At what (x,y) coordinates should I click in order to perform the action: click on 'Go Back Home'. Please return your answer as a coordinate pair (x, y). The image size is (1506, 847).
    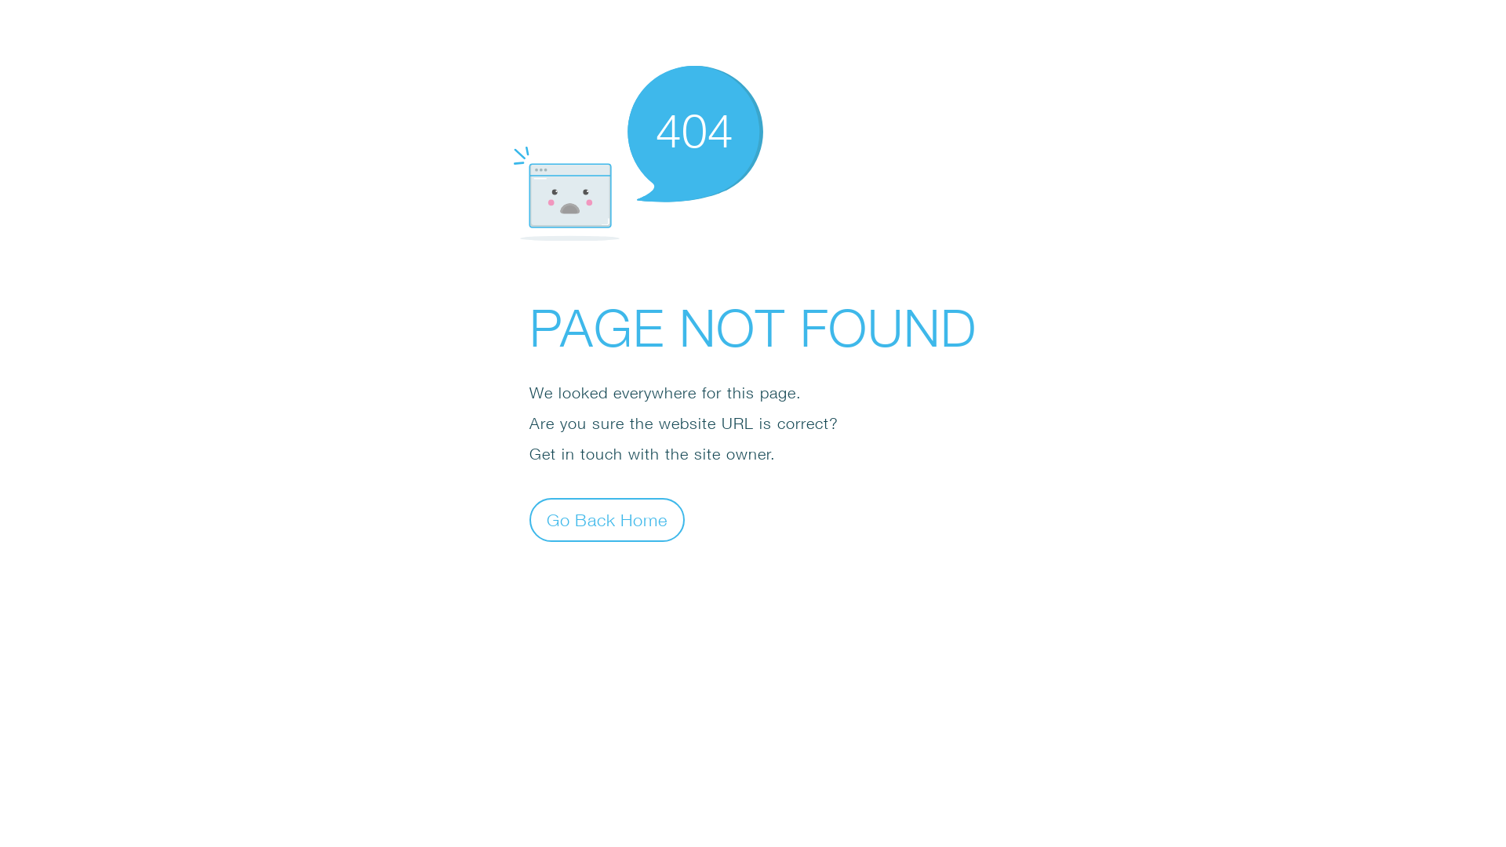
    Looking at the image, I should click on (606, 520).